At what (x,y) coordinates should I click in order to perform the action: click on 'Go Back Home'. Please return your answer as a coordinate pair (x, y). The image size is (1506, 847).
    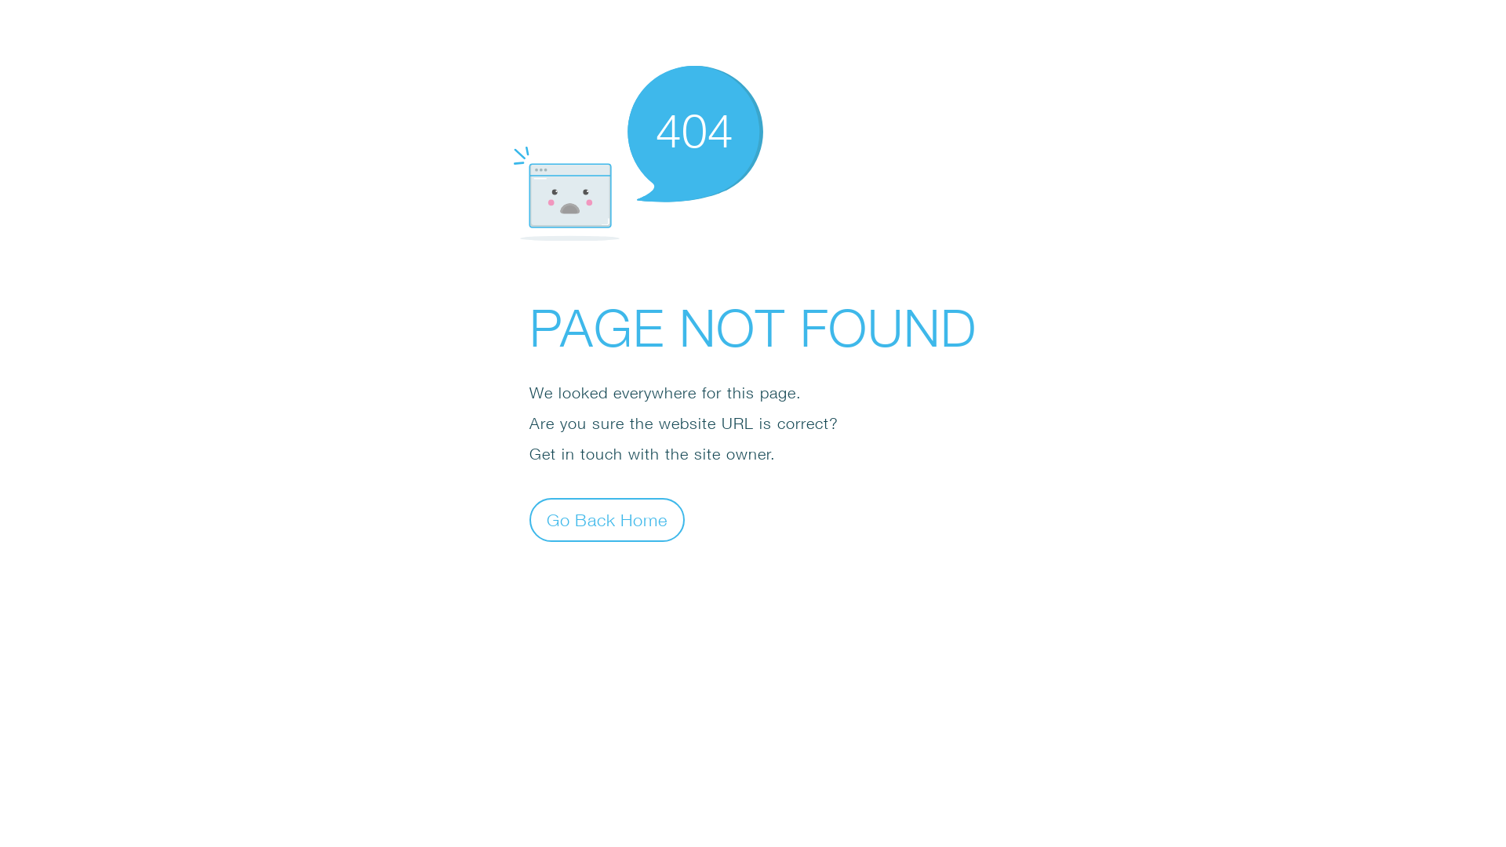
    Looking at the image, I should click on (606, 520).